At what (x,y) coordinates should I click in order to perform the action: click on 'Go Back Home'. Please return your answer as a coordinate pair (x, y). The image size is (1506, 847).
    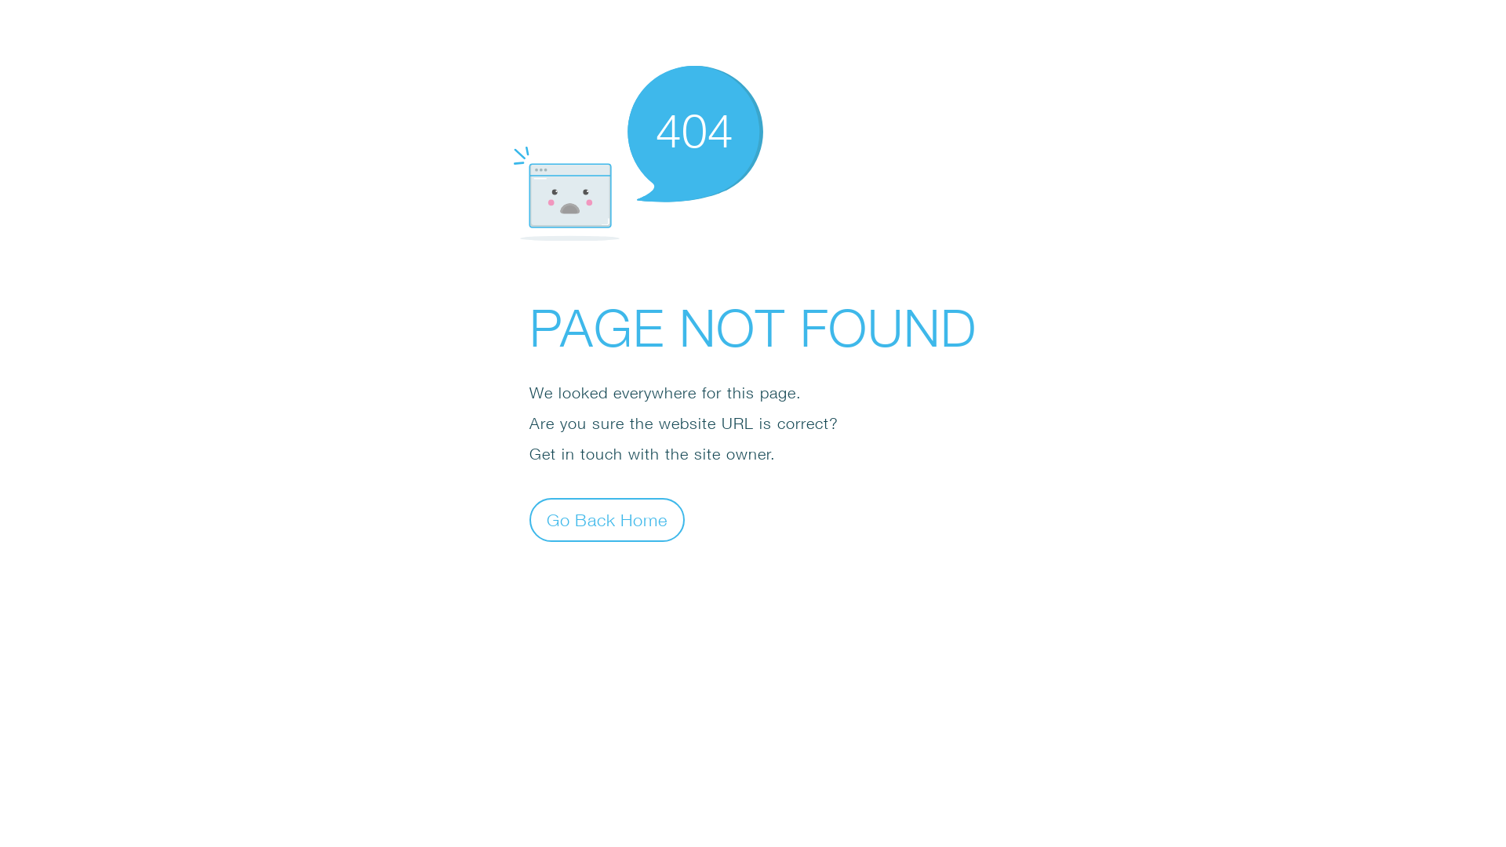
    Looking at the image, I should click on (606, 520).